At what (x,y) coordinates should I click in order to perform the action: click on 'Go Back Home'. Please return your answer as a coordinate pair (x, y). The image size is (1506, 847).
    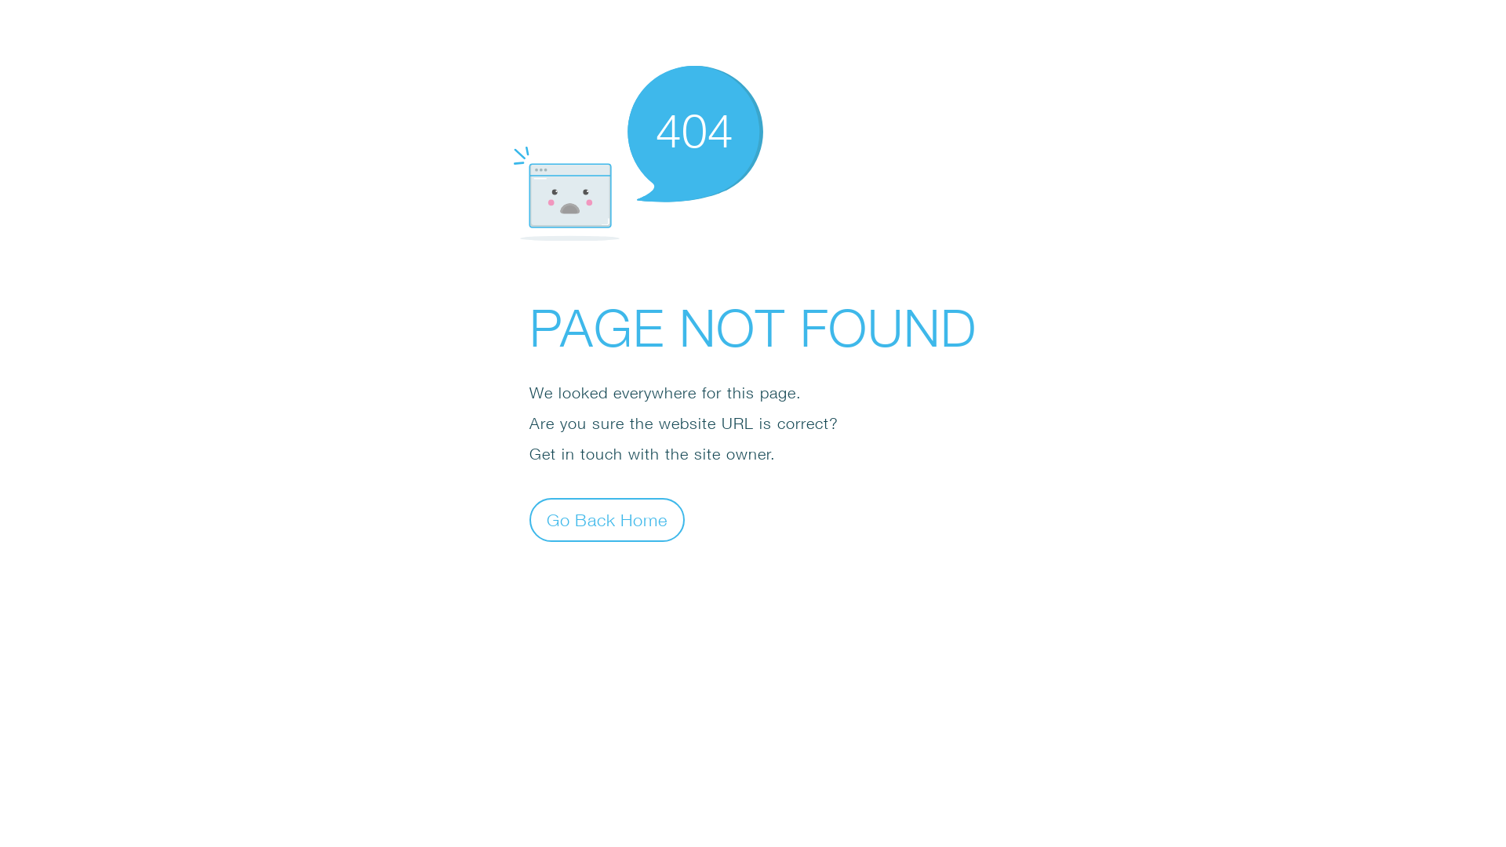
    Looking at the image, I should click on (606, 520).